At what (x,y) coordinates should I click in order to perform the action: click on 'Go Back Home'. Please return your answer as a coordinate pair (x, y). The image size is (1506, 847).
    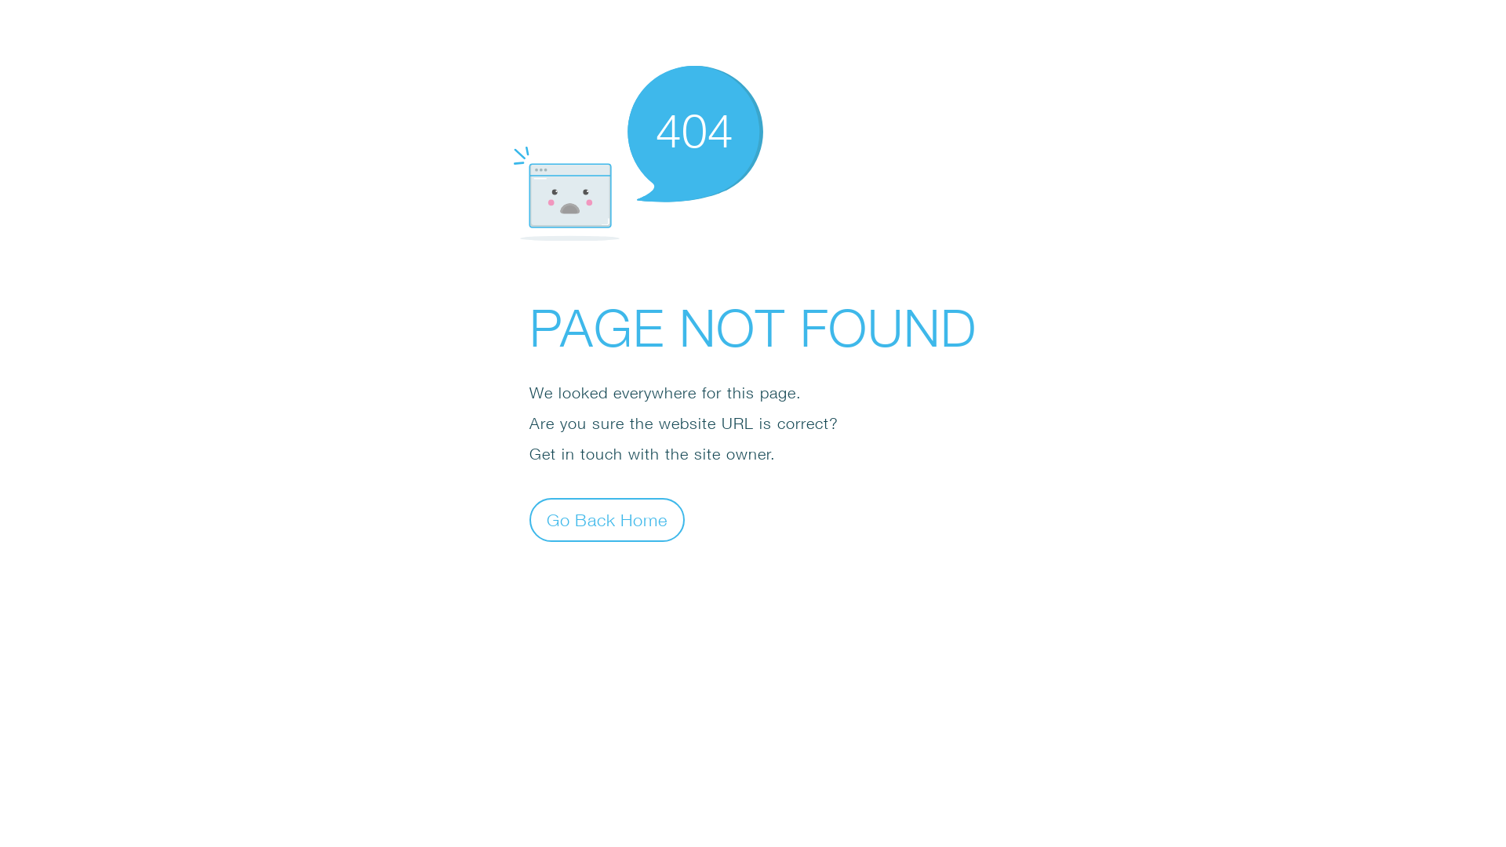
    Looking at the image, I should click on (606, 520).